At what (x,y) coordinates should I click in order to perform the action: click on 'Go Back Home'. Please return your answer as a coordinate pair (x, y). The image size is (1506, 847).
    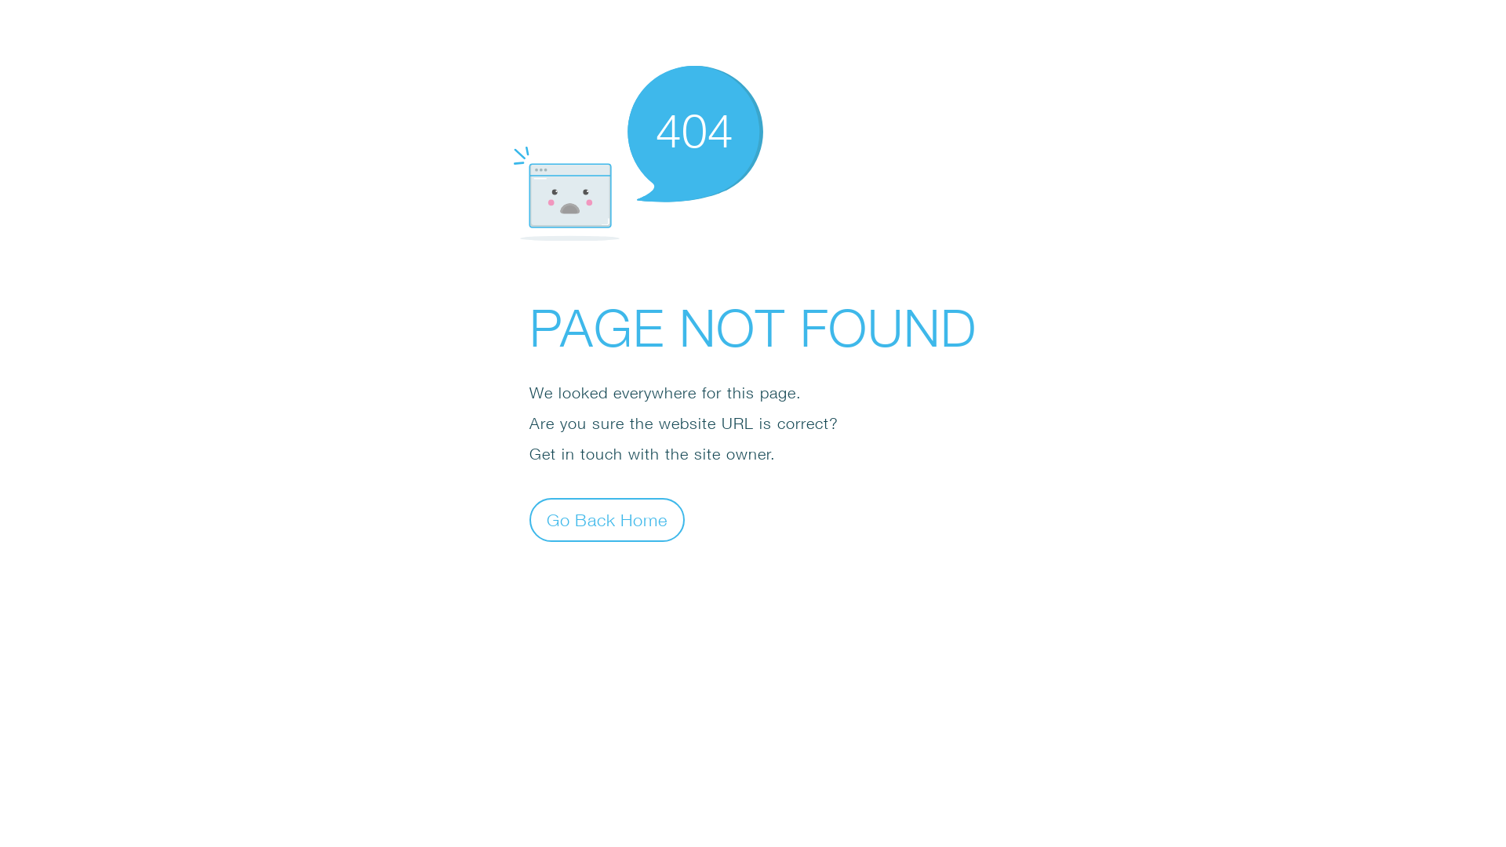
    Looking at the image, I should click on (606, 520).